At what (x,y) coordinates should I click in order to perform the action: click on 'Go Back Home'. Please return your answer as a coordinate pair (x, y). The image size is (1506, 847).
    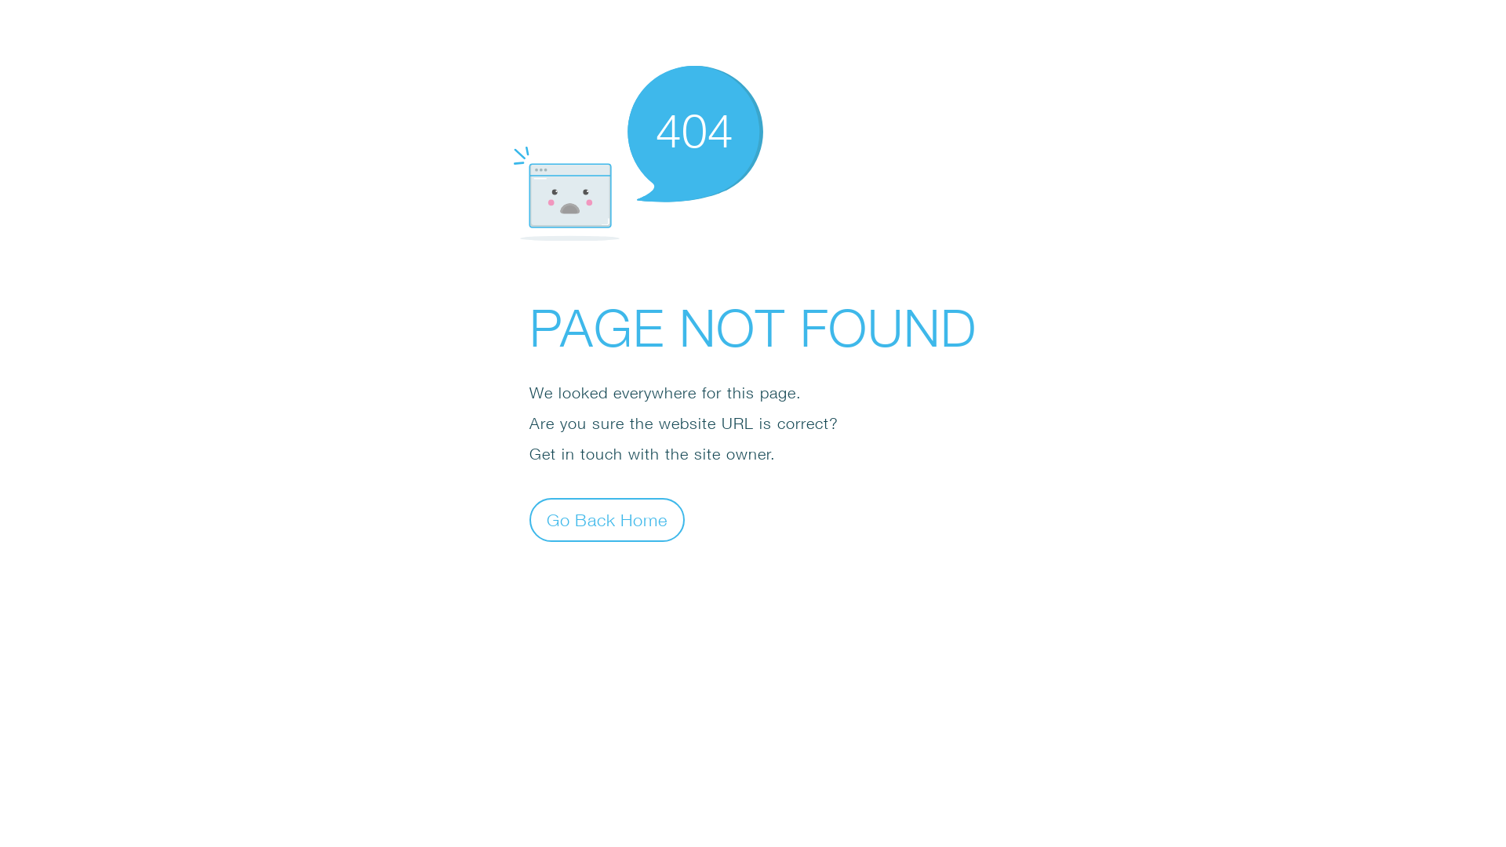
    Looking at the image, I should click on (606, 520).